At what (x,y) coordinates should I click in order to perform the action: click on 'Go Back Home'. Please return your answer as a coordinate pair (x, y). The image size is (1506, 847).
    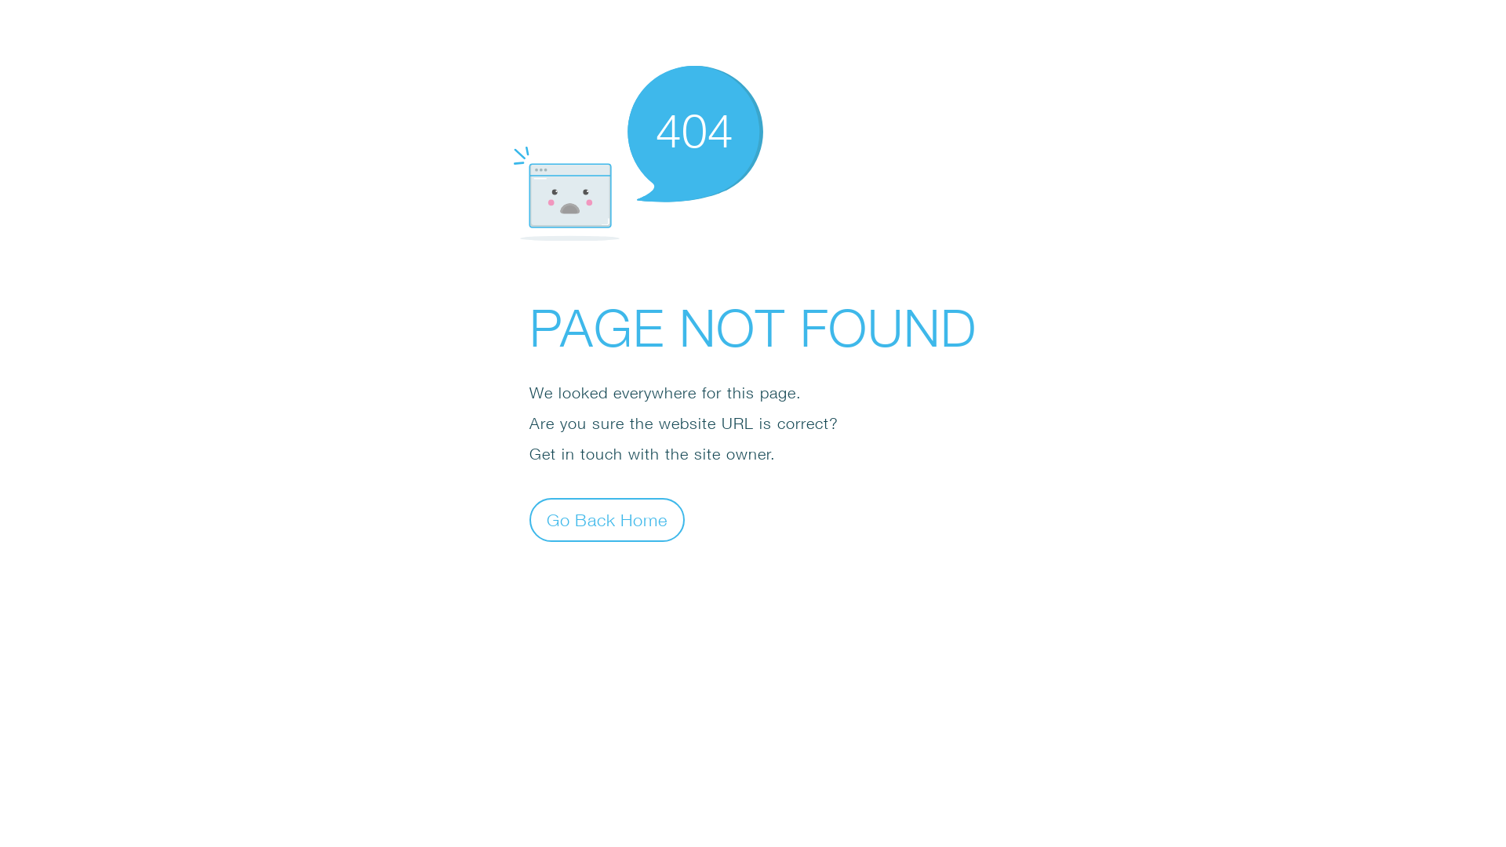
    Looking at the image, I should click on (606, 520).